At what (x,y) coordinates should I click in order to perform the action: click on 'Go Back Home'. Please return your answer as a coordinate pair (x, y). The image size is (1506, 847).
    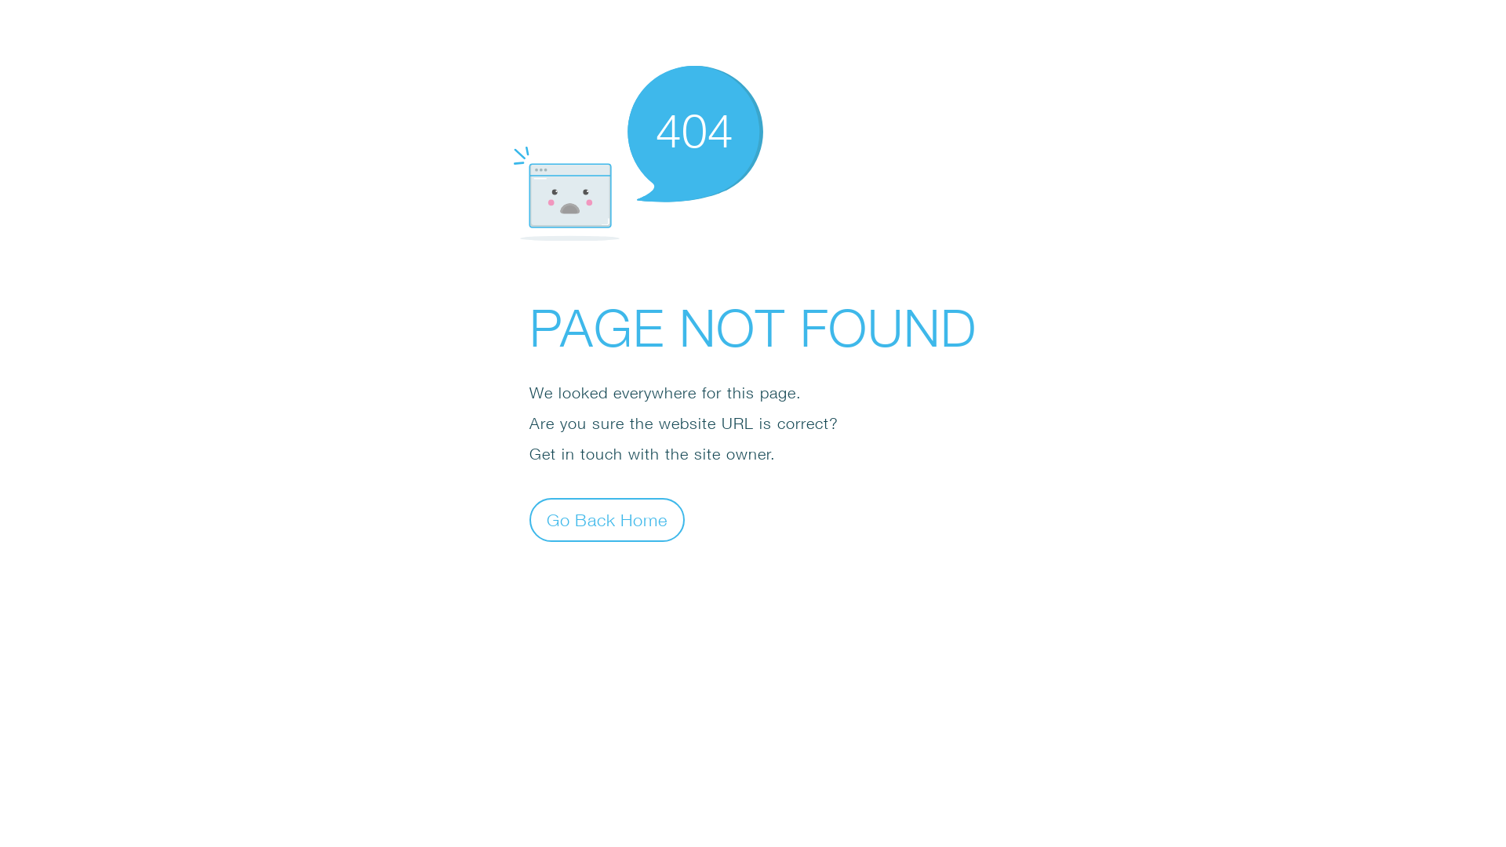
    Looking at the image, I should click on (606, 520).